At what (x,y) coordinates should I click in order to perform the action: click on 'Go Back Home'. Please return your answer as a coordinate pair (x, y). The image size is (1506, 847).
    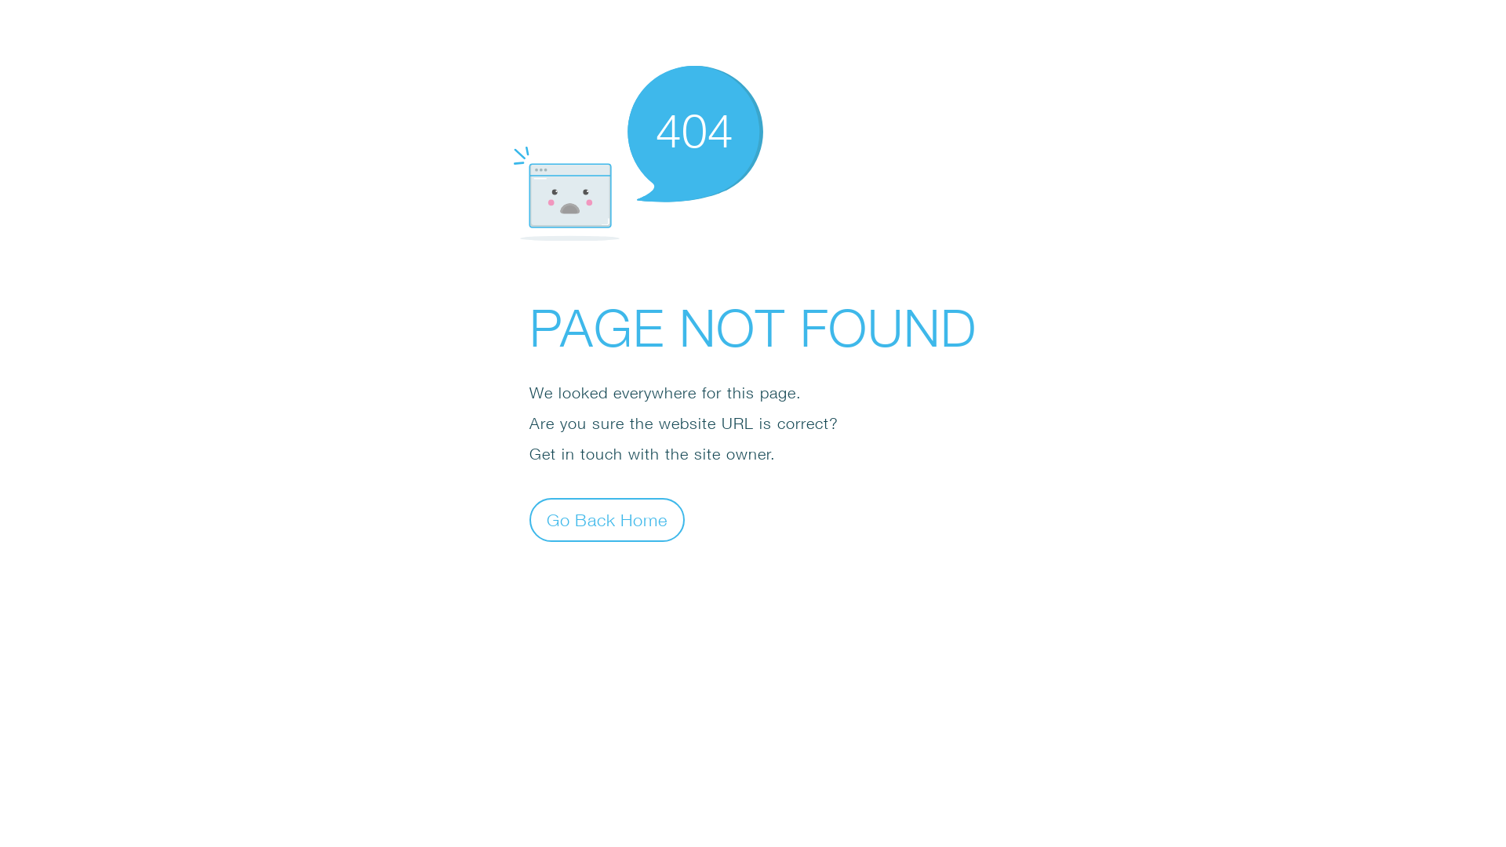
    Looking at the image, I should click on (606, 520).